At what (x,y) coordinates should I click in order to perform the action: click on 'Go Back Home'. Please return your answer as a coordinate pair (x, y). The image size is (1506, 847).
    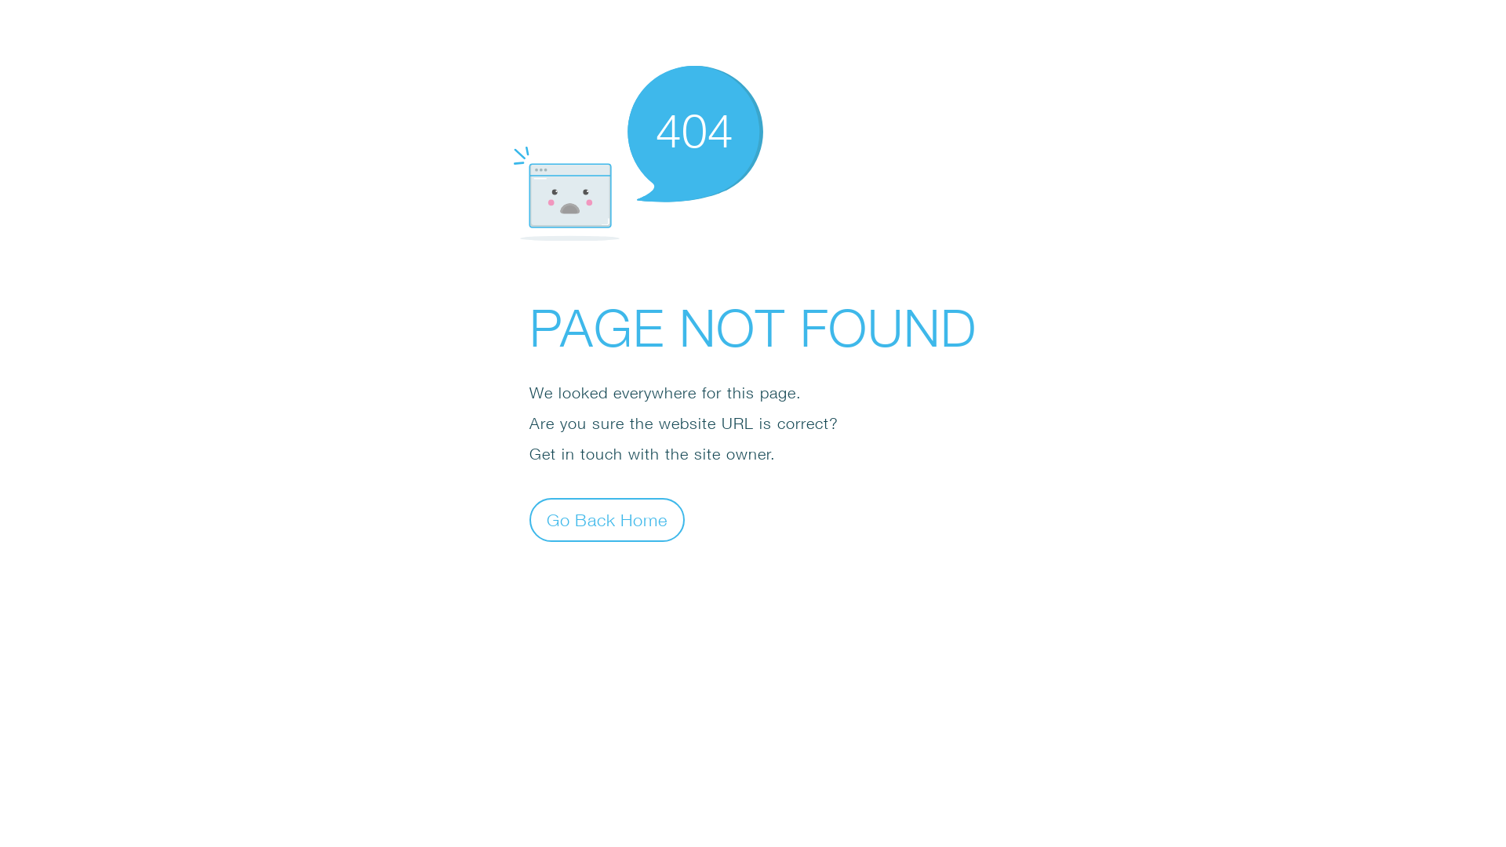
    Looking at the image, I should click on (606, 520).